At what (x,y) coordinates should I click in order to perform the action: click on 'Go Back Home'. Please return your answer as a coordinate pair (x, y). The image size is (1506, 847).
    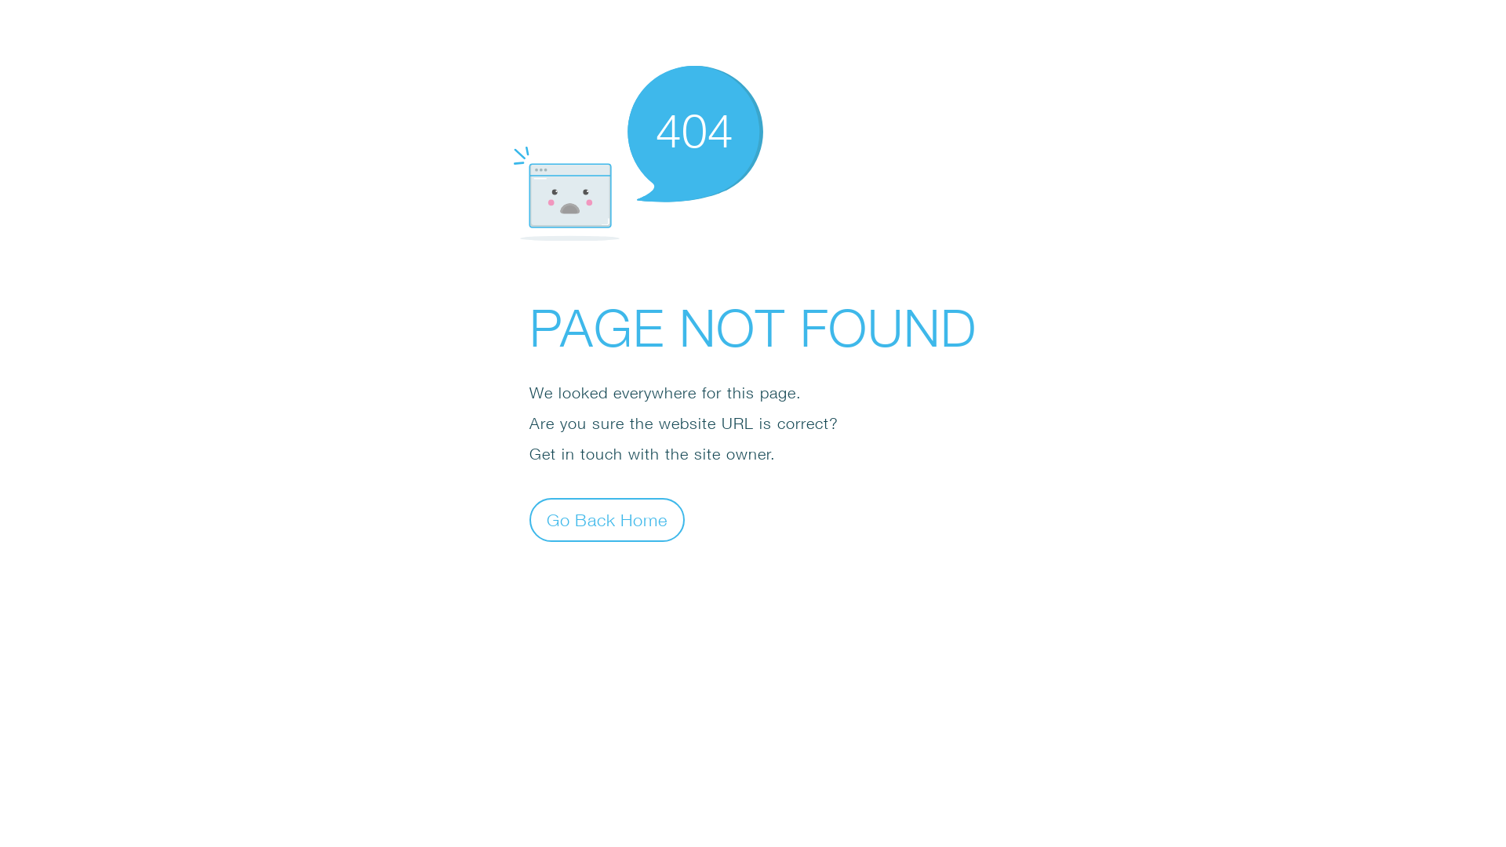
    Looking at the image, I should click on (606, 520).